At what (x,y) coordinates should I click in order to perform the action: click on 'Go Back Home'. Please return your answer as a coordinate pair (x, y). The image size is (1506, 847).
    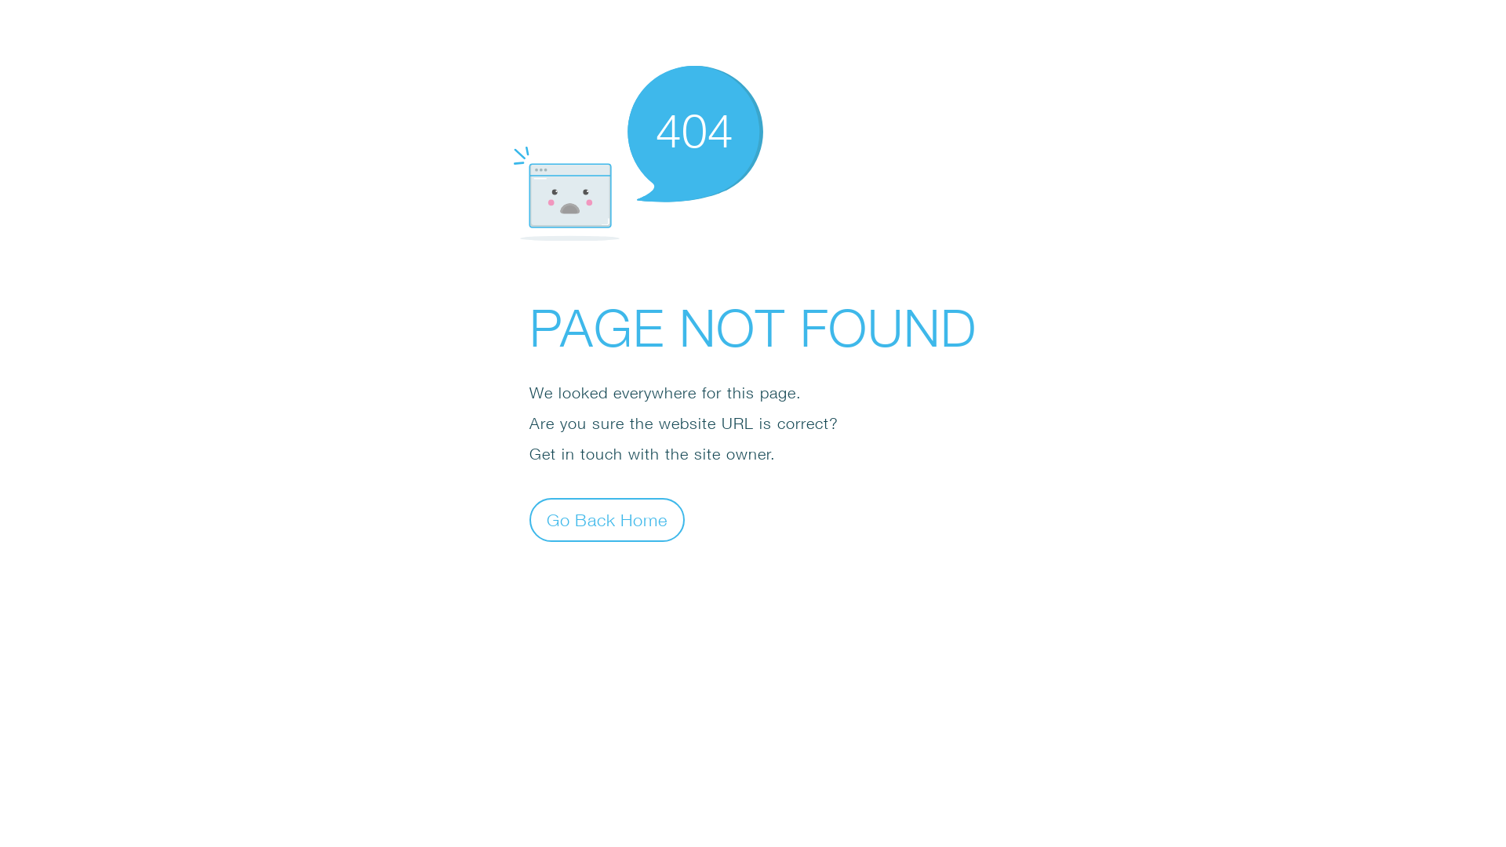
    Looking at the image, I should click on (606, 520).